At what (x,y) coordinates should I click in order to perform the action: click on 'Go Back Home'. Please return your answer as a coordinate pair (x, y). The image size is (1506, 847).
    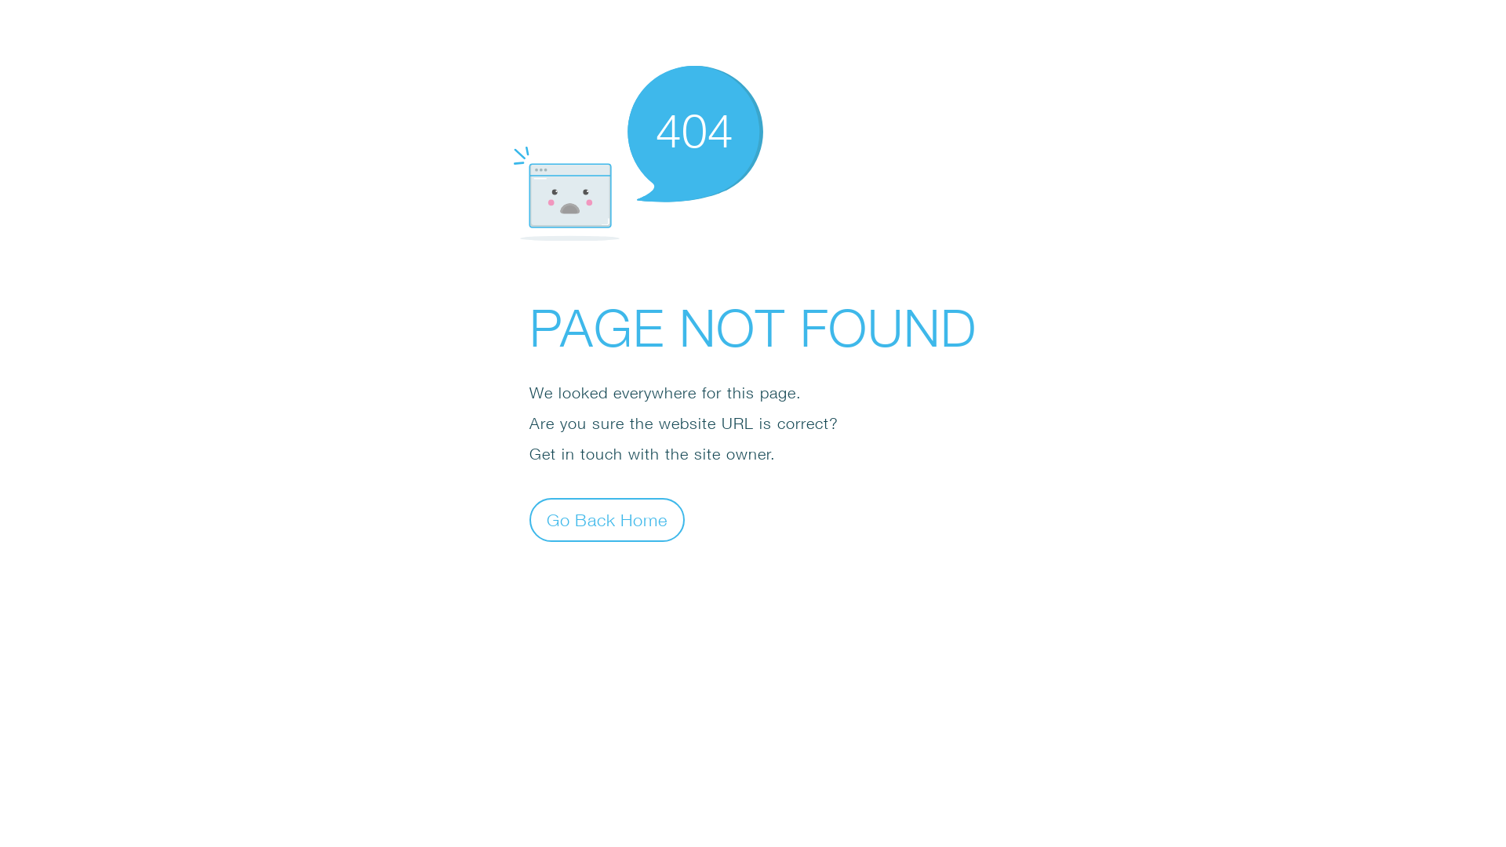
    Looking at the image, I should click on (606, 520).